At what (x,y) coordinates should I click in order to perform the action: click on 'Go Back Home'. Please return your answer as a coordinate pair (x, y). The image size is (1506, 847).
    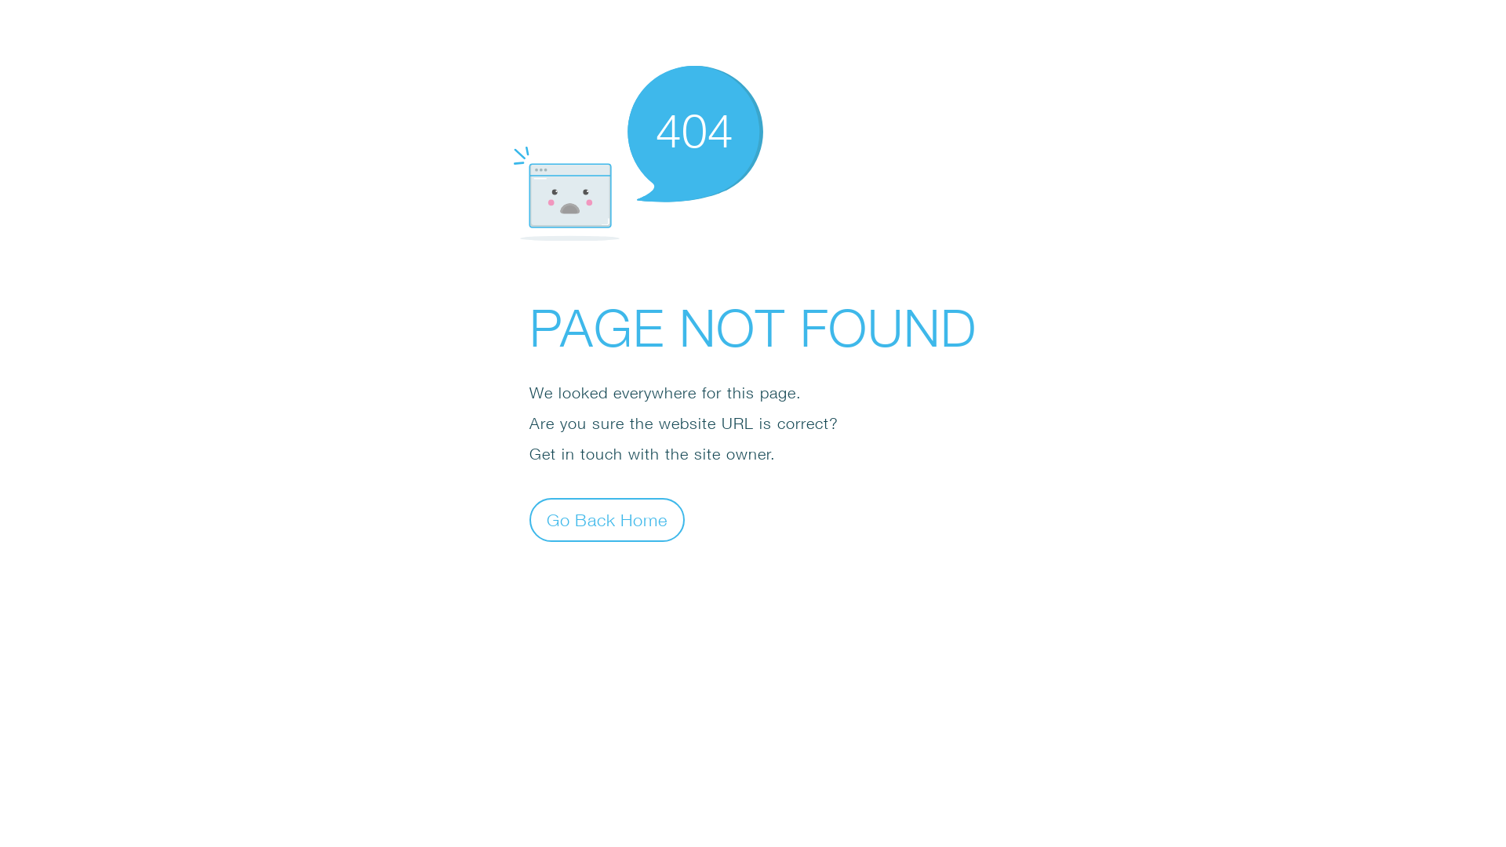
    Looking at the image, I should click on (606, 520).